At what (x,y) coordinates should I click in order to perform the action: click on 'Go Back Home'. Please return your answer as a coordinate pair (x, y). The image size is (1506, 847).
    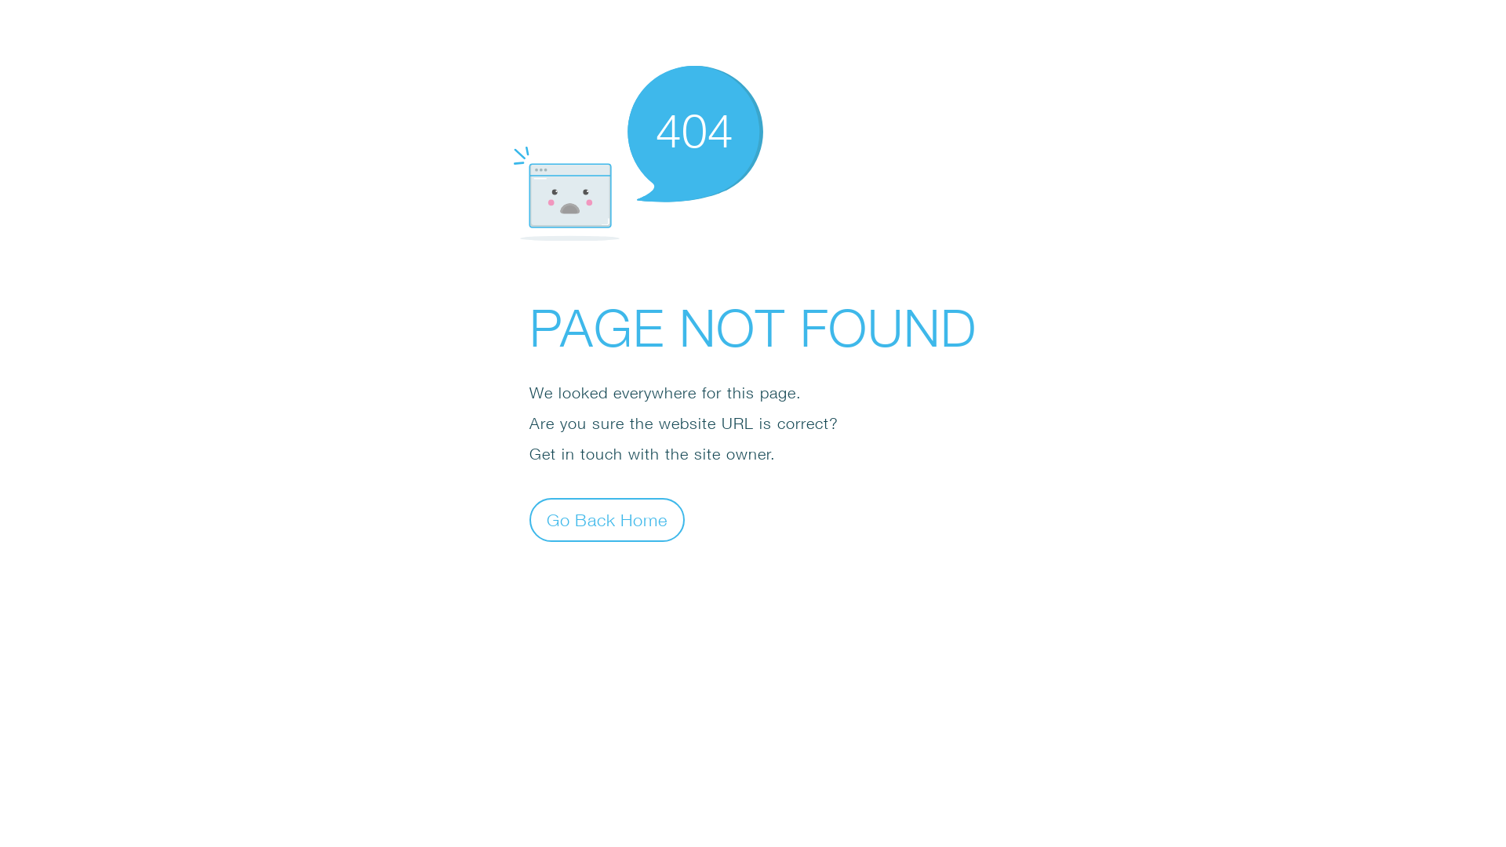
    Looking at the image, I should click on (606, 520).